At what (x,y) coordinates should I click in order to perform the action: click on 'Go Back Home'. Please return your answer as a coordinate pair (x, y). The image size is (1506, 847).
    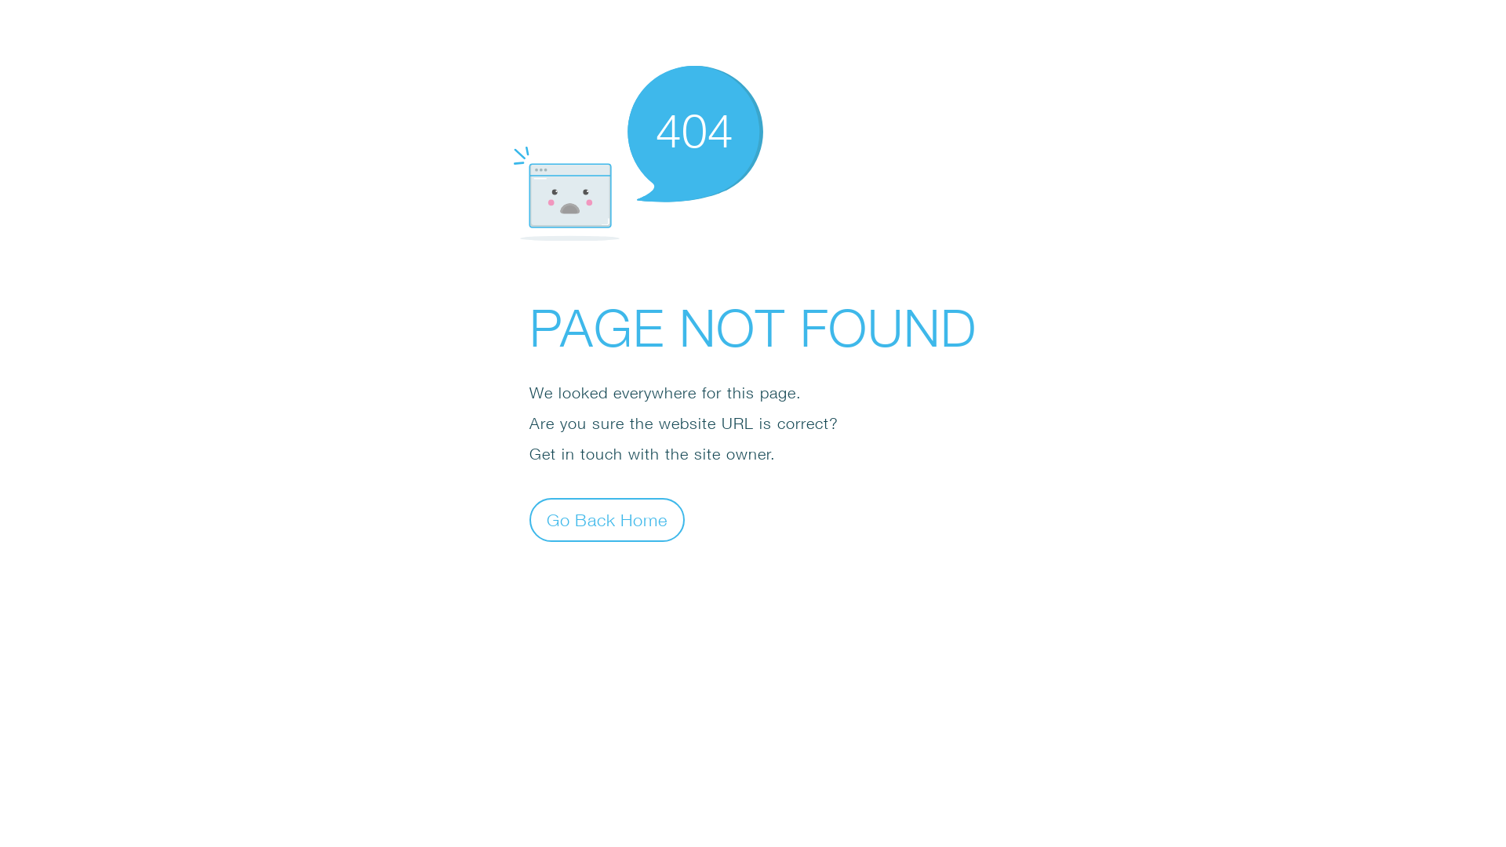
    Looking at the image, I should click on (606, 520).